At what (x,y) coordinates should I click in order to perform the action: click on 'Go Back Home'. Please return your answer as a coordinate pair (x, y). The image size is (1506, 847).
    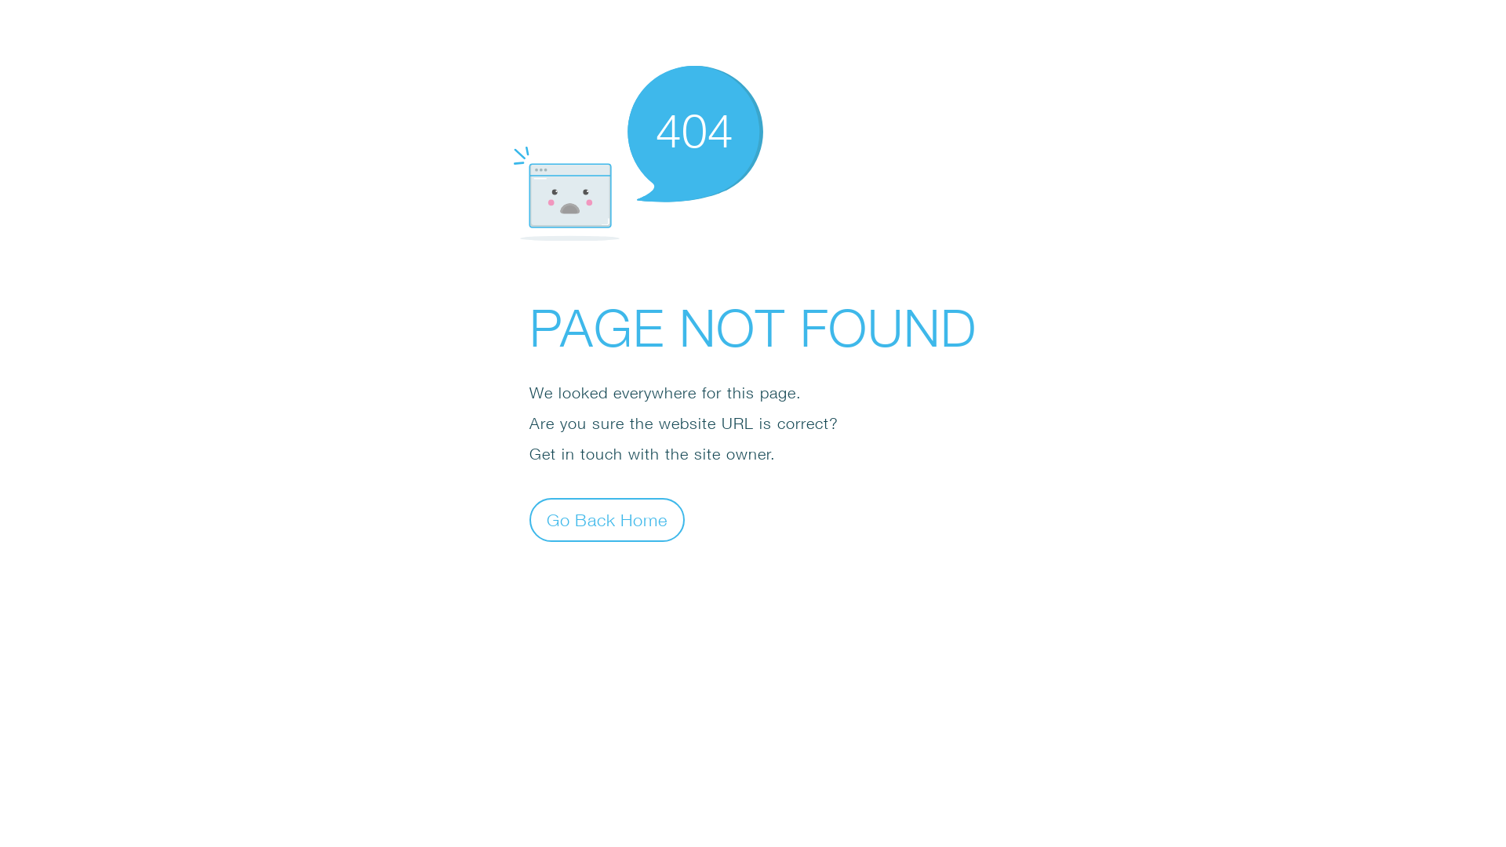
    Looking at the image, I should click on (606, 520).